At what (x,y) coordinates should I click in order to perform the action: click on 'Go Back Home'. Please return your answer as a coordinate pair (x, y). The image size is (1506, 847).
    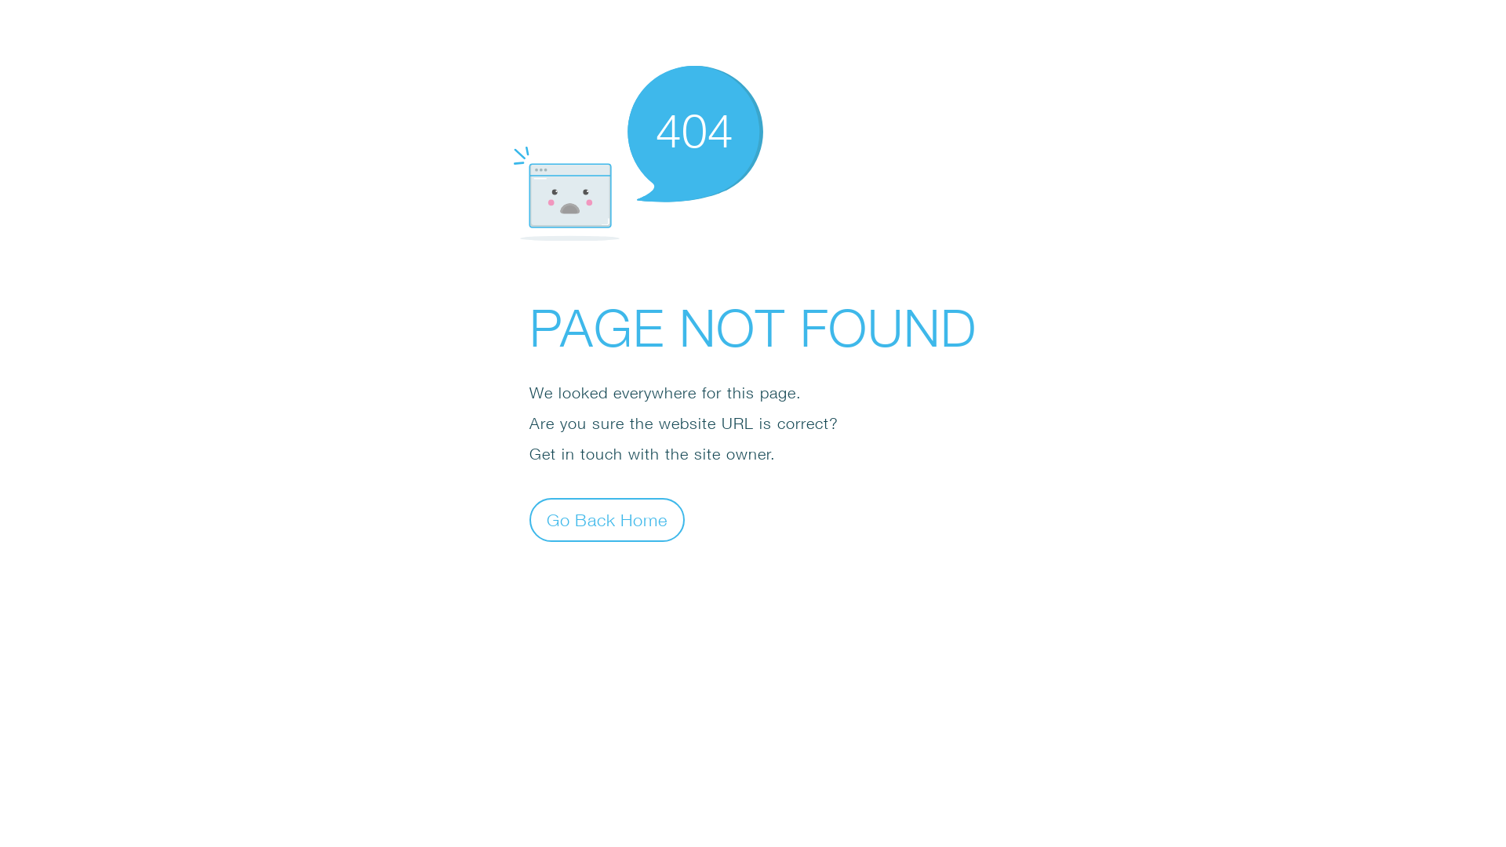
    Looking at the image, I should click on (606, 520).